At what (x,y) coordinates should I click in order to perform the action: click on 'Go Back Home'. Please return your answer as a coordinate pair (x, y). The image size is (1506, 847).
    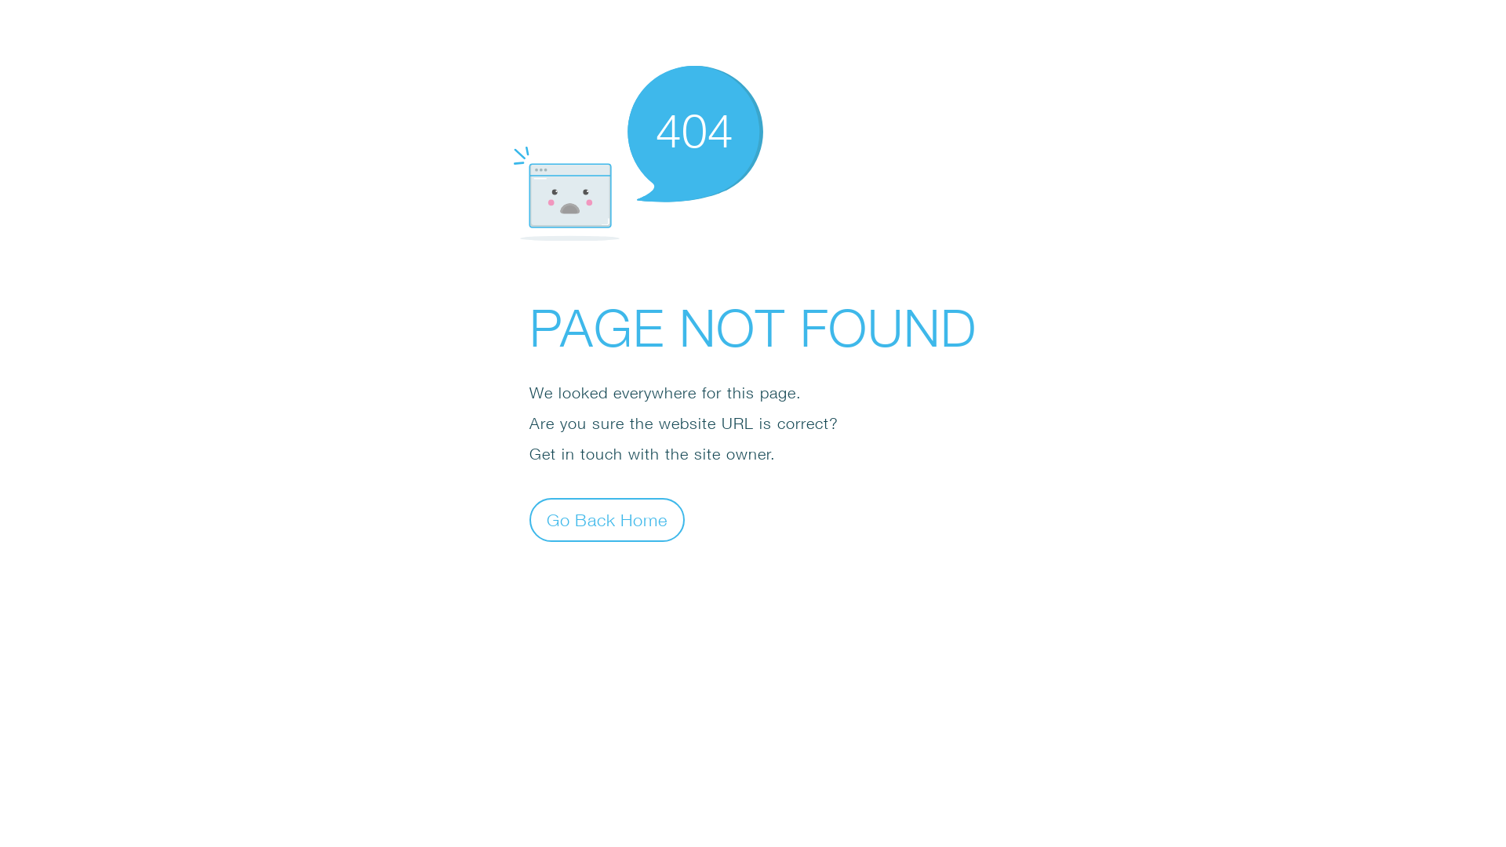
    Looking at the image, I should click on (606, 520).